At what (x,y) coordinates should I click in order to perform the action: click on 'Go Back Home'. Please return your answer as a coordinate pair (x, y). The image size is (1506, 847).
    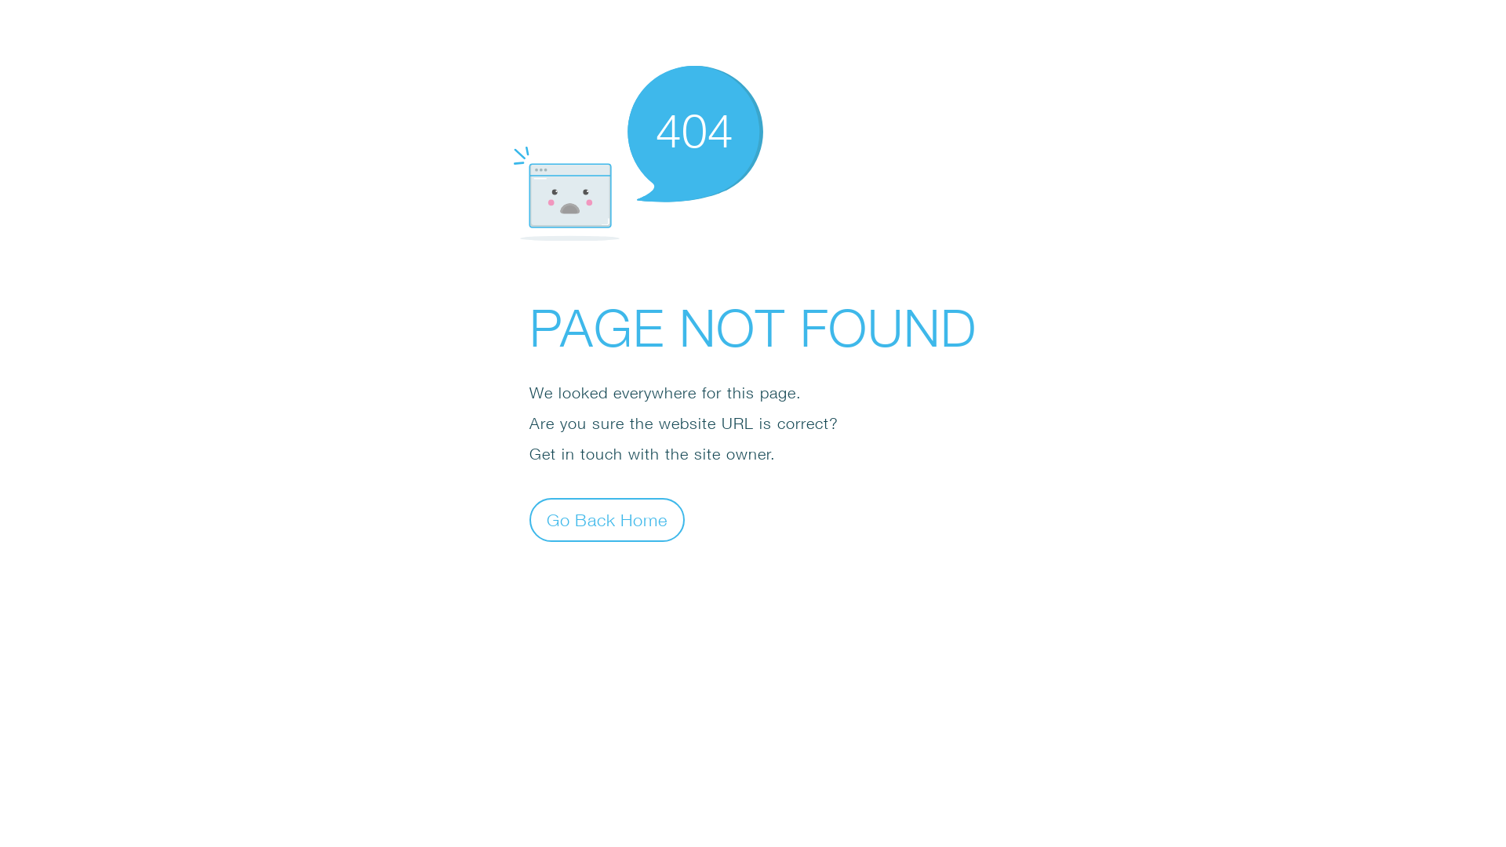
    Looking at the image, I should click on (606, 520).